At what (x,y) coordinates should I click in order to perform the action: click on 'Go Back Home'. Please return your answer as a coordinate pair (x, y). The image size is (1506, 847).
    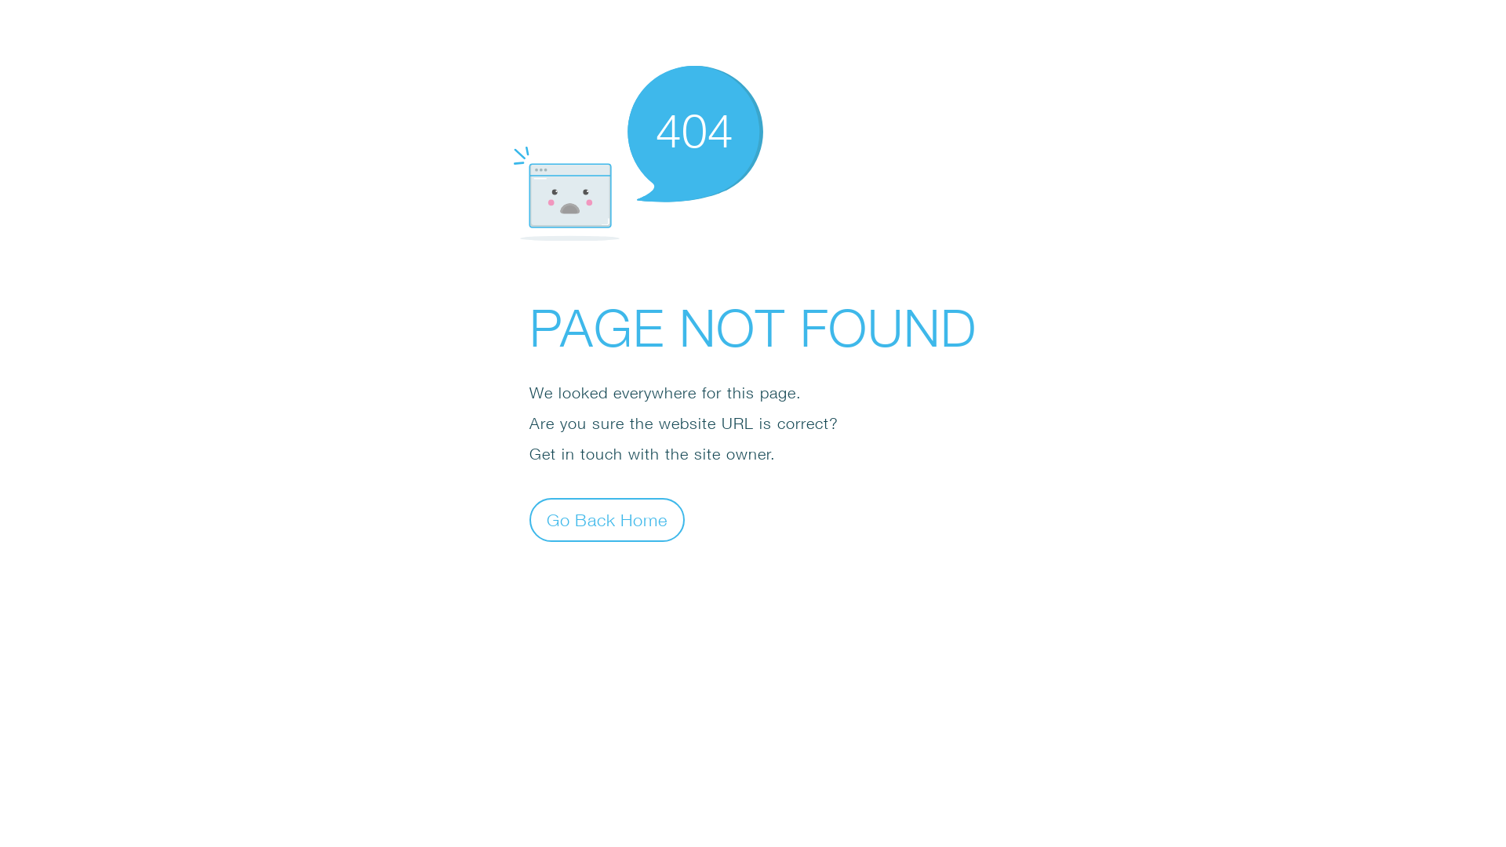
    Looking at the image, I should click on (606, 520).